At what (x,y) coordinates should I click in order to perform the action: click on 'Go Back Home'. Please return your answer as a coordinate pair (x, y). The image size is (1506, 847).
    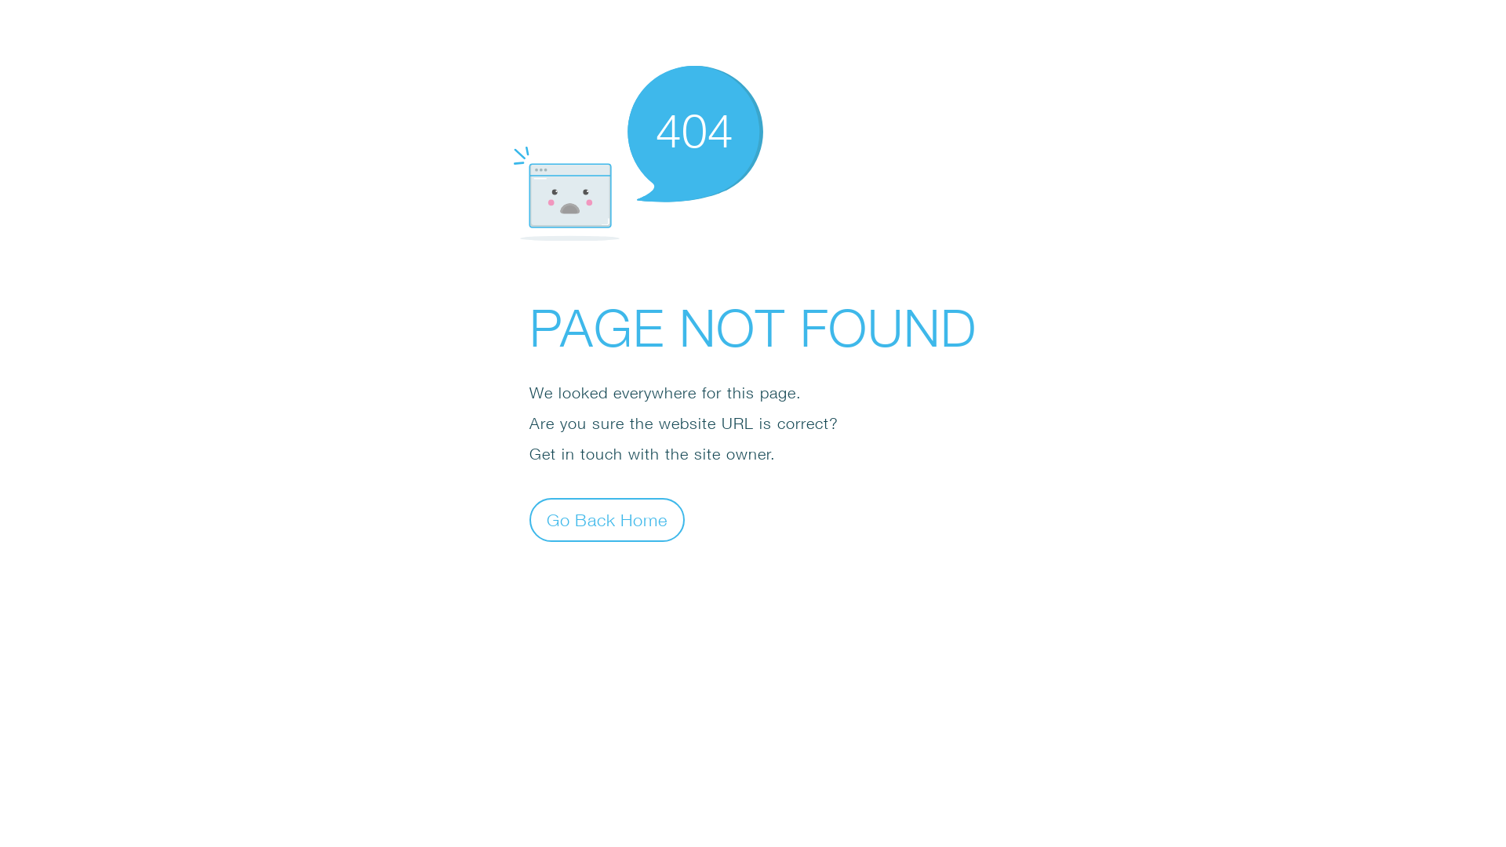
    Looking at the image, I should click on (606, 520).